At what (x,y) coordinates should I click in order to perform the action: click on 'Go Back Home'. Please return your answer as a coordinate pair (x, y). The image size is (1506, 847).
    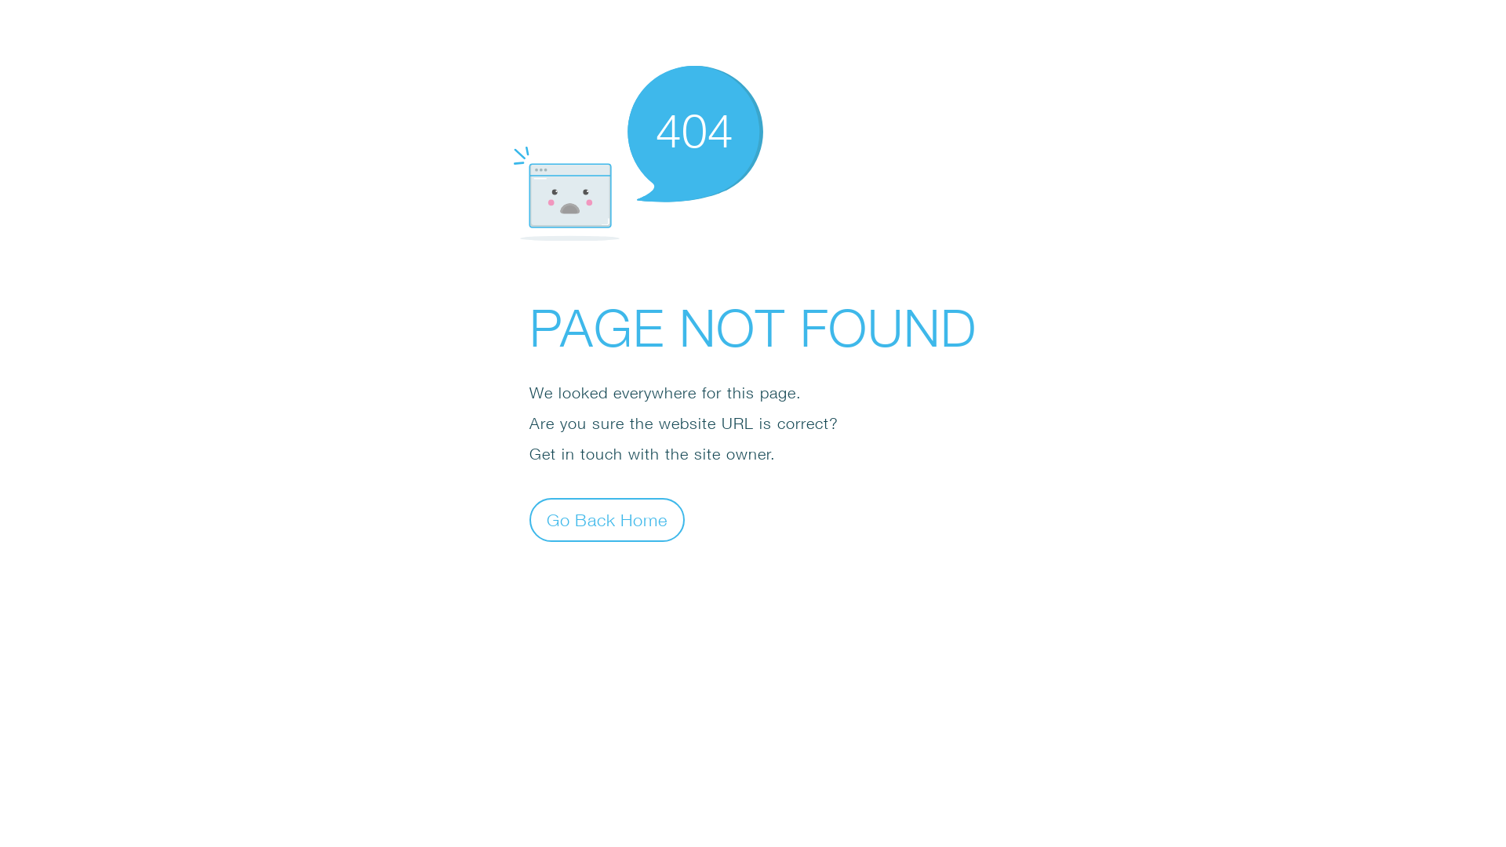
    Looking at the image, I should click on (606, 520).